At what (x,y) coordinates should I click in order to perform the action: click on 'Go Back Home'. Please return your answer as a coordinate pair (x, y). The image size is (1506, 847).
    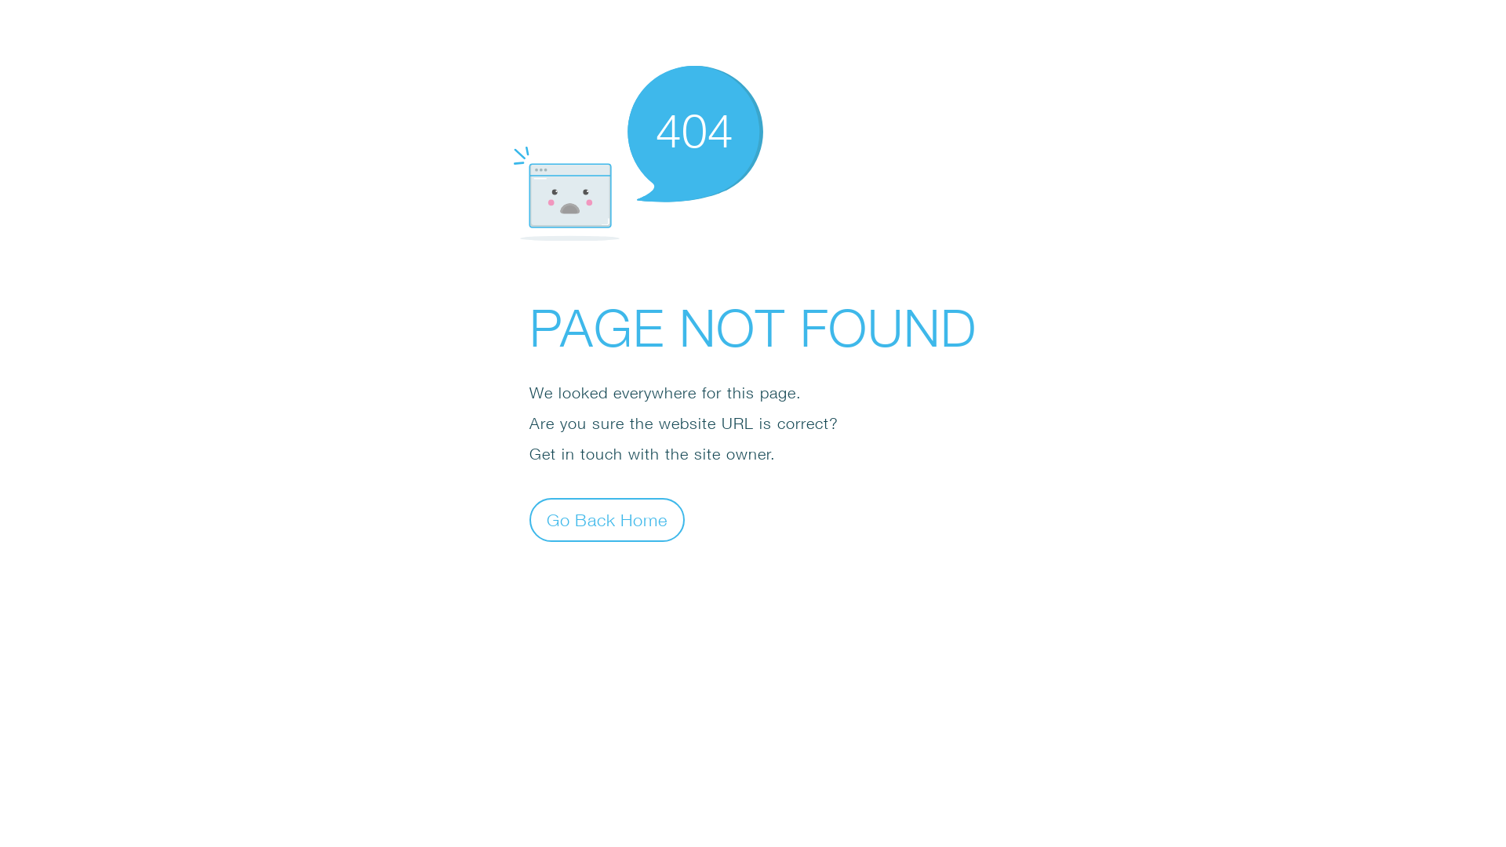
    Looking at the image, I should click on (606, 520).